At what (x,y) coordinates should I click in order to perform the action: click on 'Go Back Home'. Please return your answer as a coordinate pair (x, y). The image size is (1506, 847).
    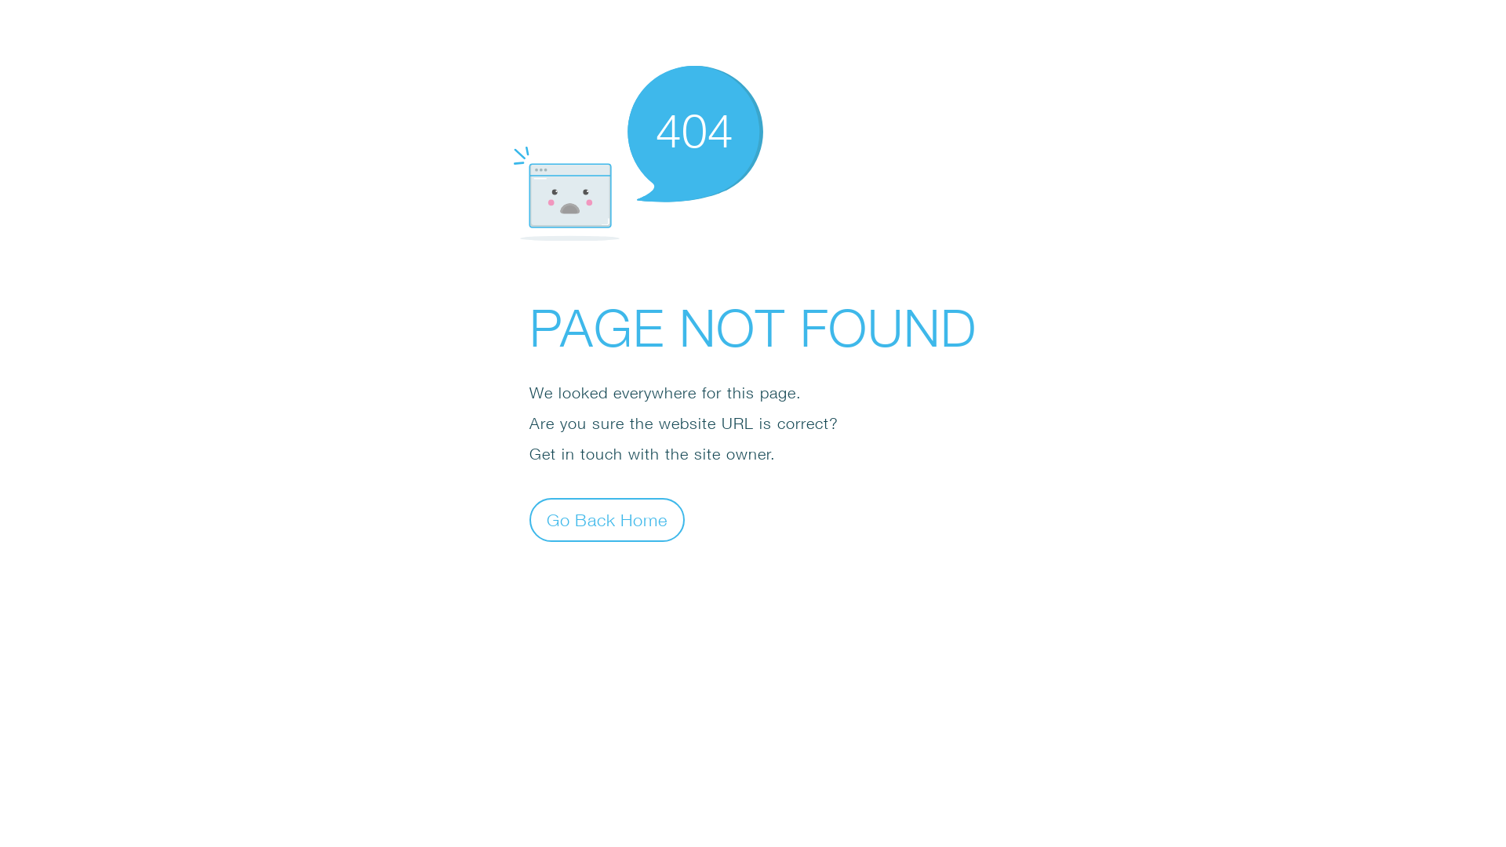
    Looking at the image, I should click on (606, 520).